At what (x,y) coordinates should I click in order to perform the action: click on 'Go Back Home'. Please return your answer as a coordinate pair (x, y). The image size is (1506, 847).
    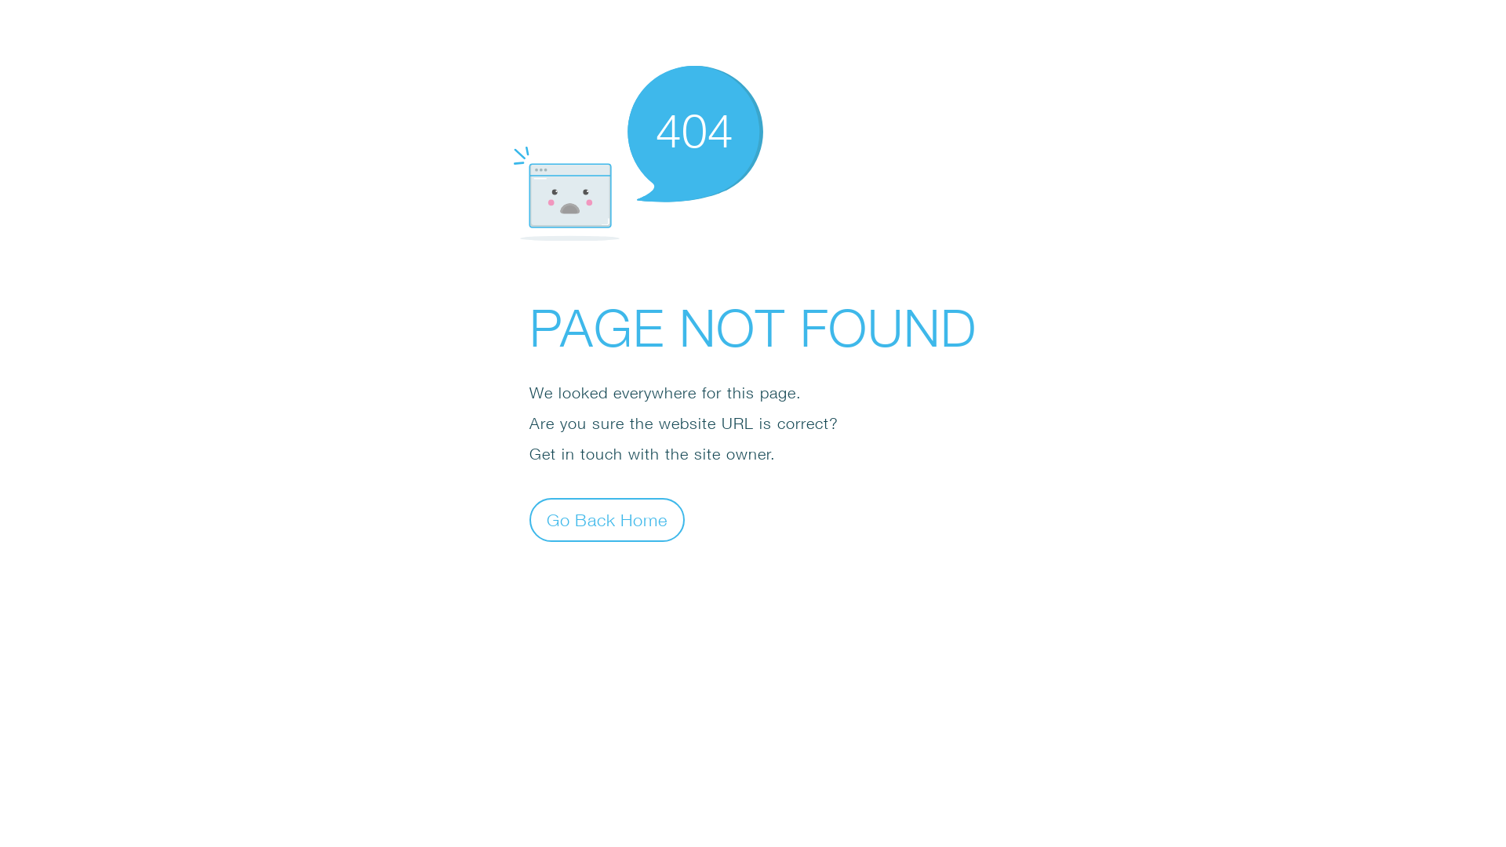
    Looking at the image, I should click on (606, 520).